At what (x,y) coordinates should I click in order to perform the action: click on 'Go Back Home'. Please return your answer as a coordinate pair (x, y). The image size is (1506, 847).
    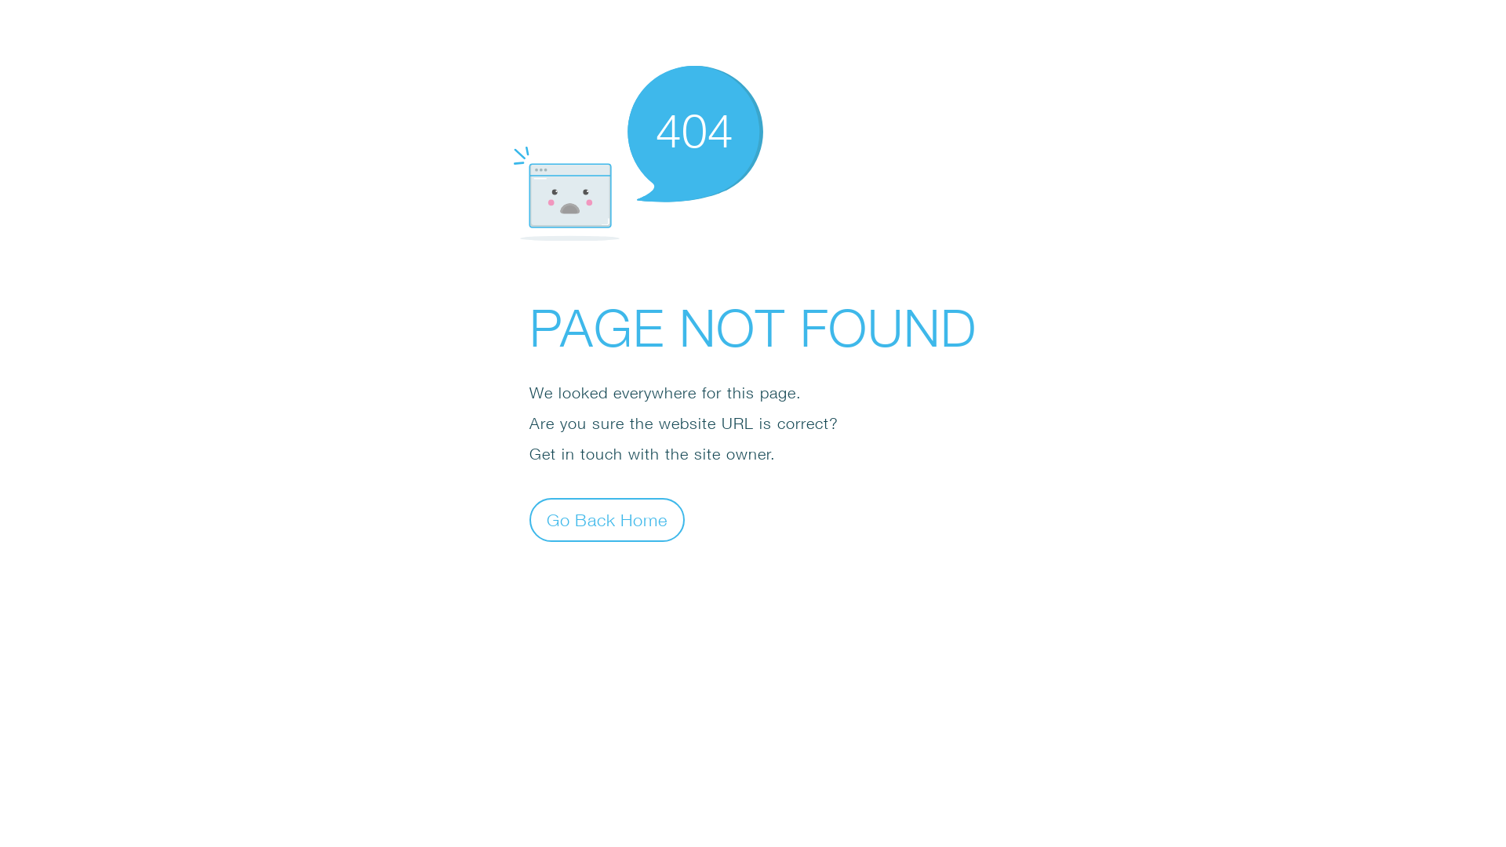
    Looking at the image, I should click on (606, 520).